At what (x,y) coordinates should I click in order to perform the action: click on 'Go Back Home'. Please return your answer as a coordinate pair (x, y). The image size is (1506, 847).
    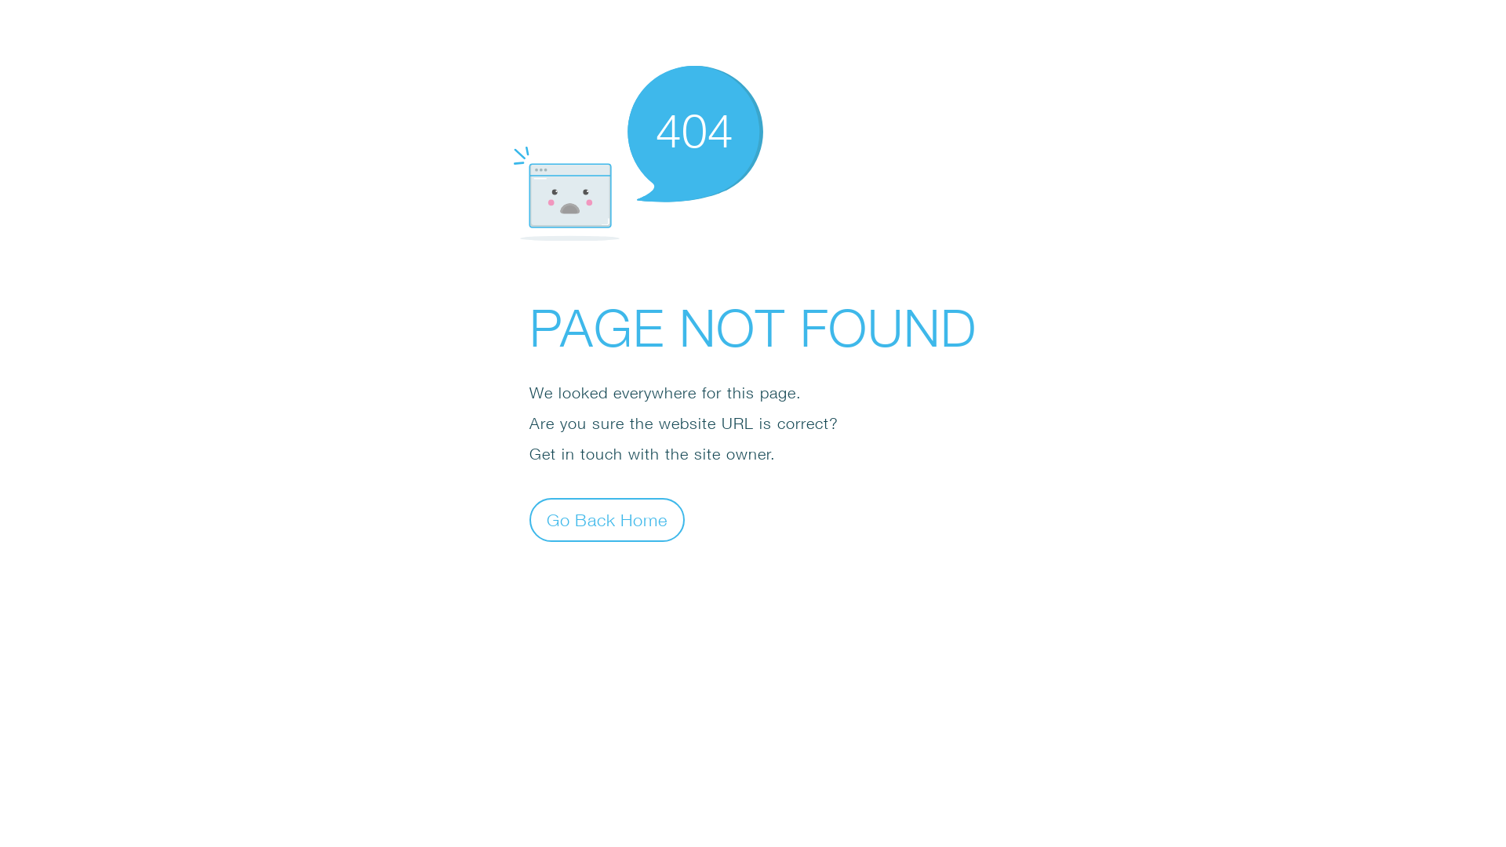
    Looking at the image, I should click on (606, 520).